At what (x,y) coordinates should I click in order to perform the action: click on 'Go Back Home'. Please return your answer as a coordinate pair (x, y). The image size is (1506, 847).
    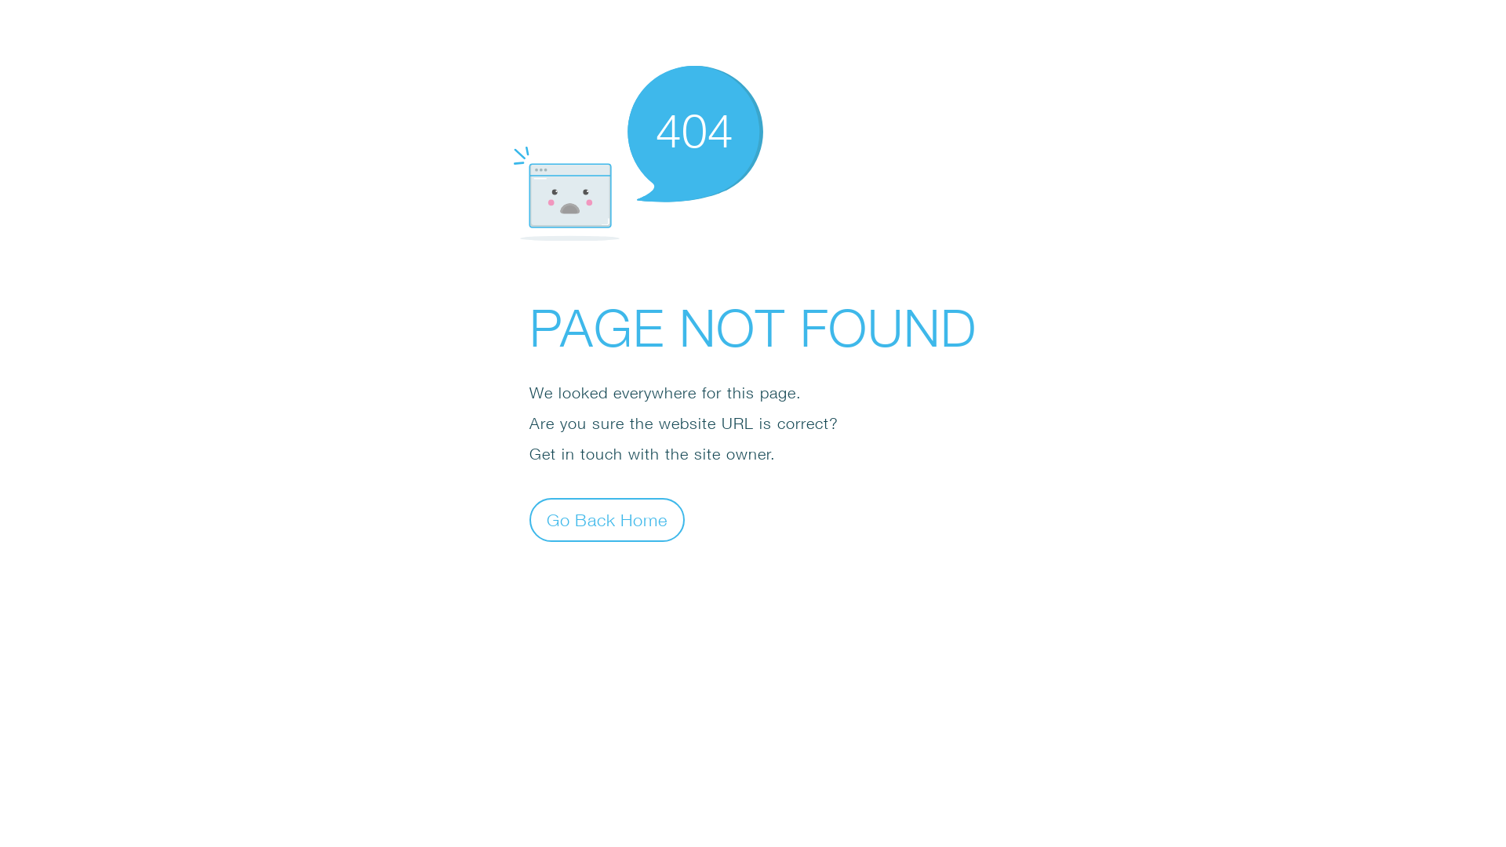
    Looking at the image, I should click on (606, 520).